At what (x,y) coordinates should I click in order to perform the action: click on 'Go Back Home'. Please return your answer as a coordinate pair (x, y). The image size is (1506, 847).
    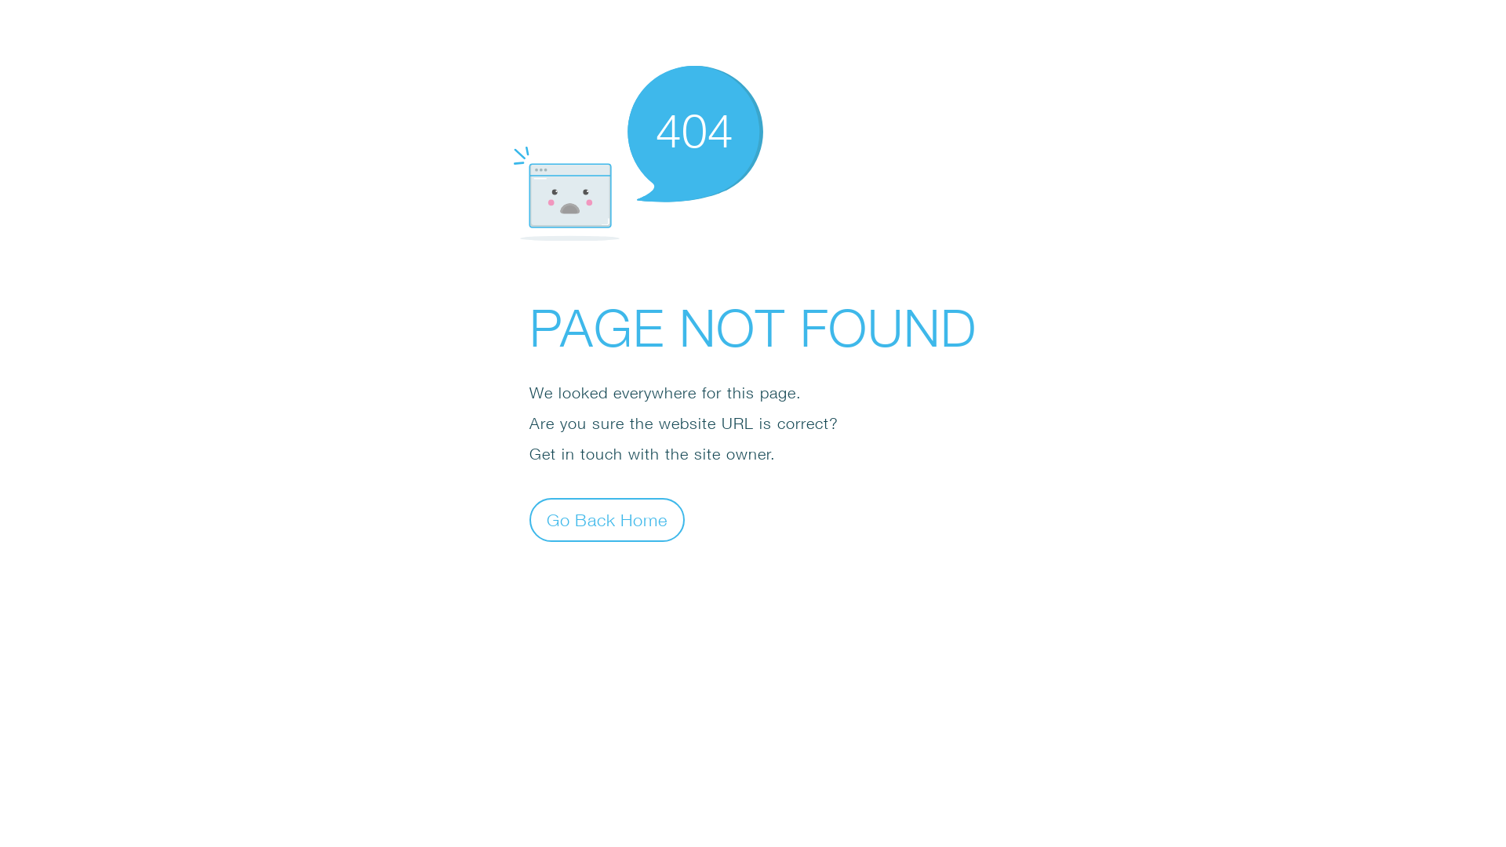
    Looking at the image, I should click on (606, 520).